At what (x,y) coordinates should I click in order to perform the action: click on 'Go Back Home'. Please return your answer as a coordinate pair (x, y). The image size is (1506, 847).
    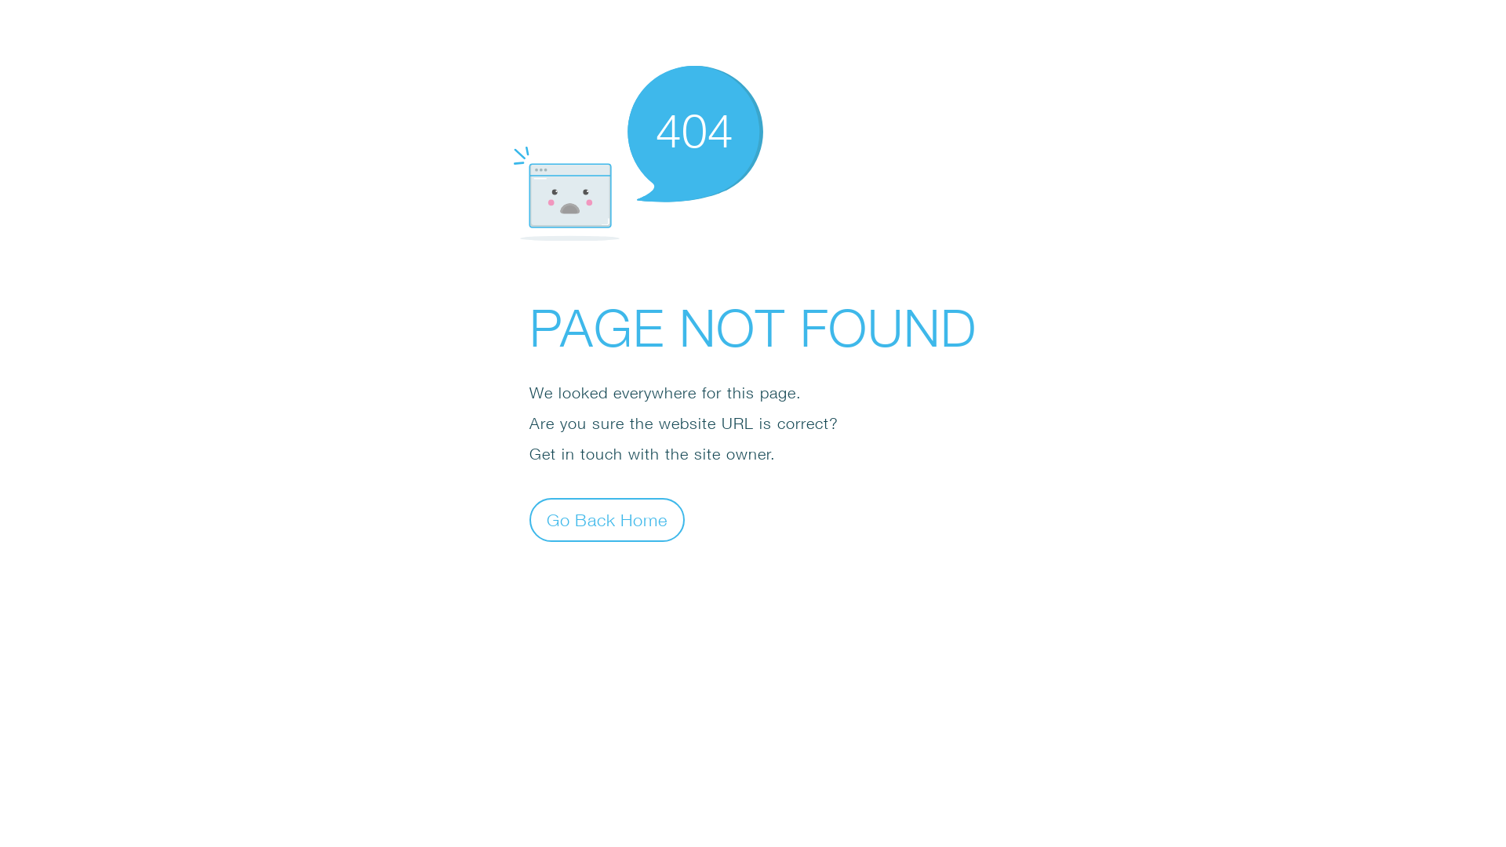
    Looking at the image, I should click on (606, 520).